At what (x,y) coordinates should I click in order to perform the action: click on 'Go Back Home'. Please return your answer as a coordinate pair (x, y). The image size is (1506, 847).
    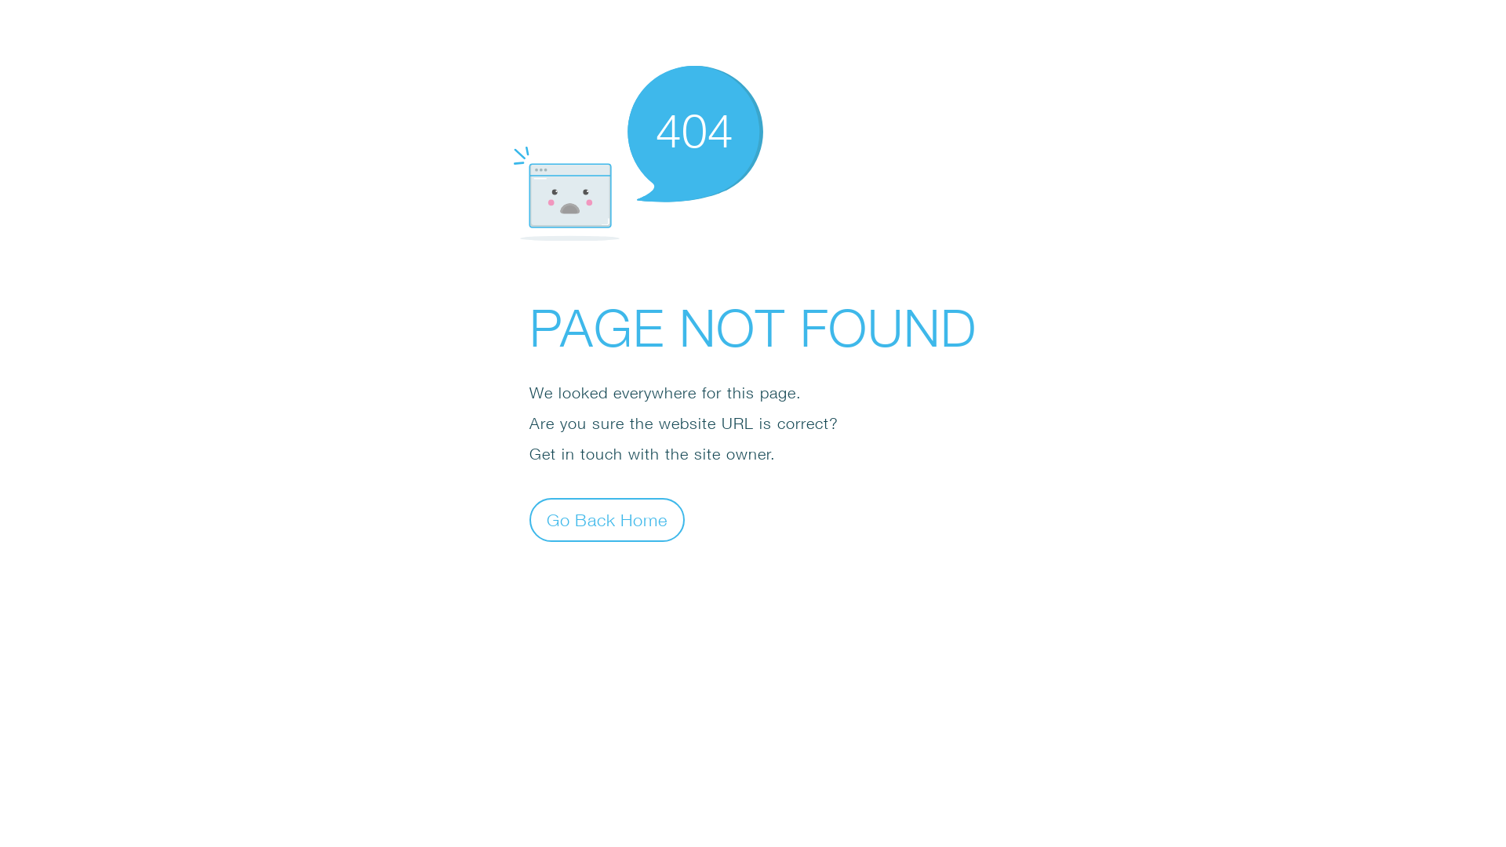
    Looking at the image, I should click on (606, 520).